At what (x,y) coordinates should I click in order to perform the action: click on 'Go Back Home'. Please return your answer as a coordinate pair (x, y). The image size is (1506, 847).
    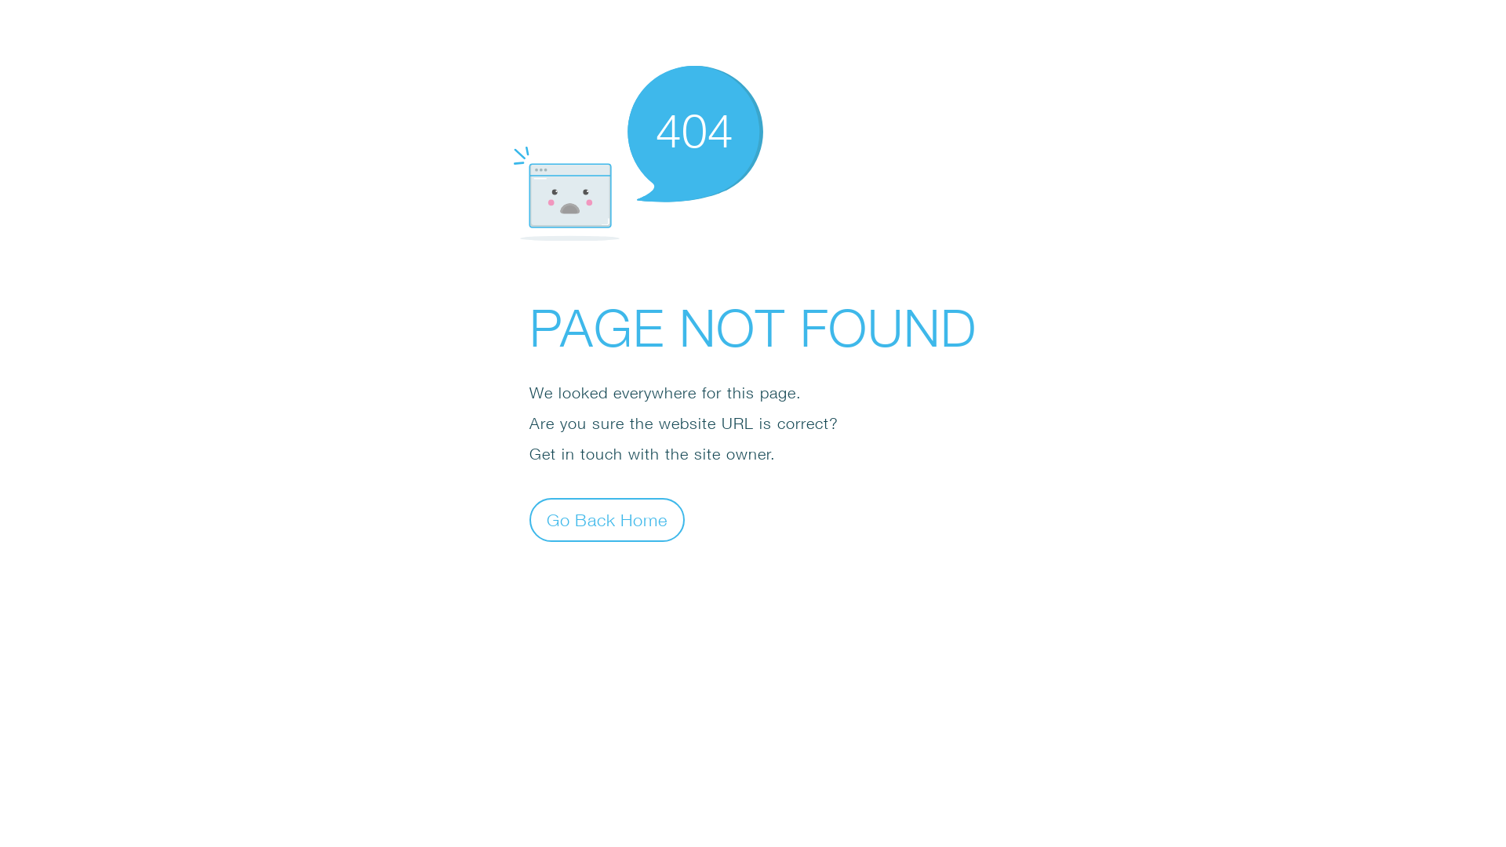
    Looking at the image, I should click on (606, 520).